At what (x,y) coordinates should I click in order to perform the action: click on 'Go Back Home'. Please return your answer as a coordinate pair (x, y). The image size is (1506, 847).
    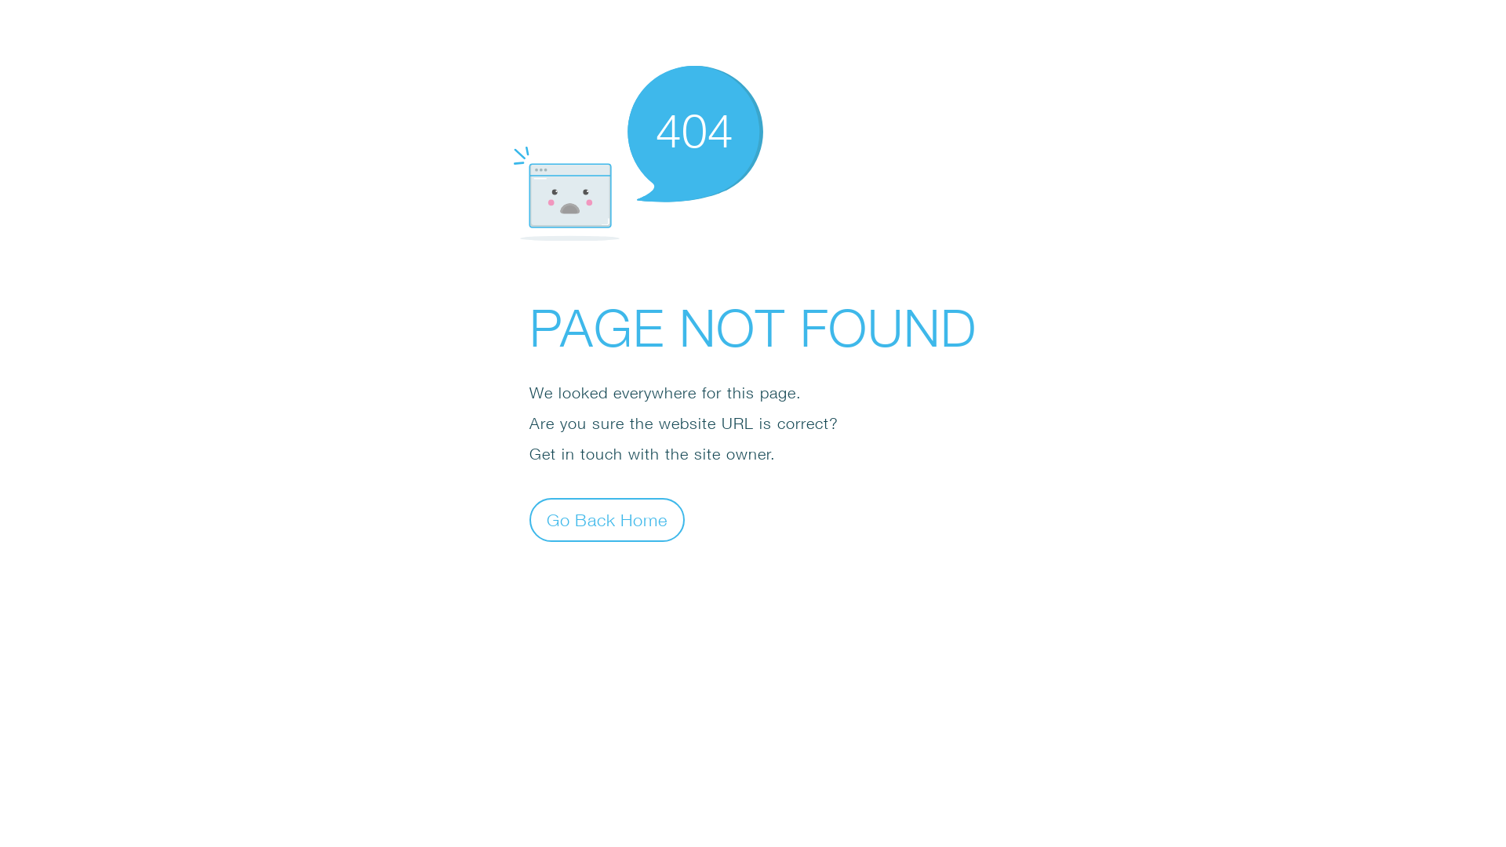
    Looking at the image, I should click on (606, 520).